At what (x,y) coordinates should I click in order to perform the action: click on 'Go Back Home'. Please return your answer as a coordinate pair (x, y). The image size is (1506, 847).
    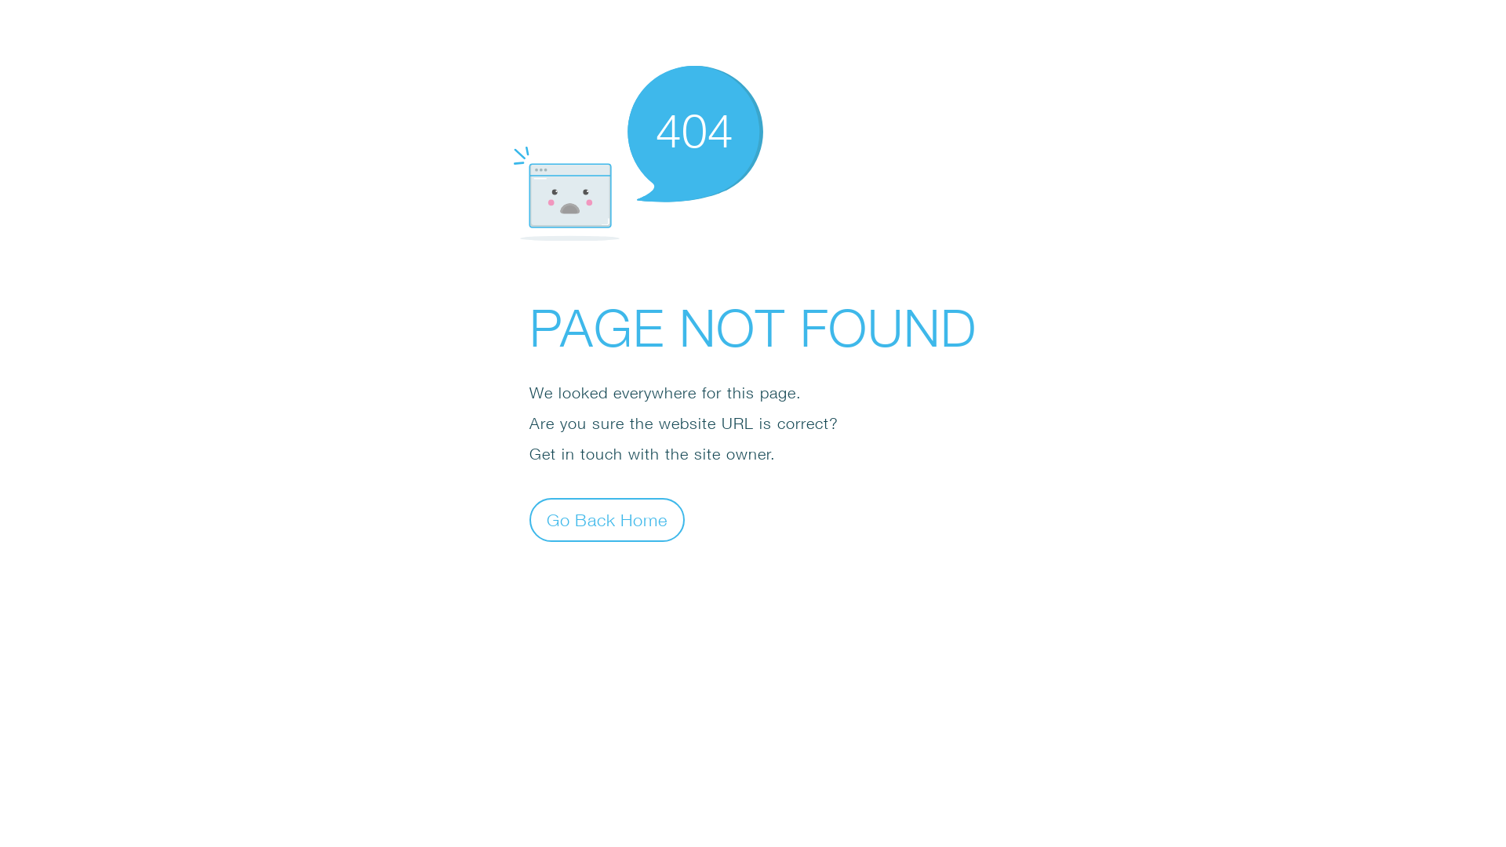
    Looking at the image, I should click on (606, 520).